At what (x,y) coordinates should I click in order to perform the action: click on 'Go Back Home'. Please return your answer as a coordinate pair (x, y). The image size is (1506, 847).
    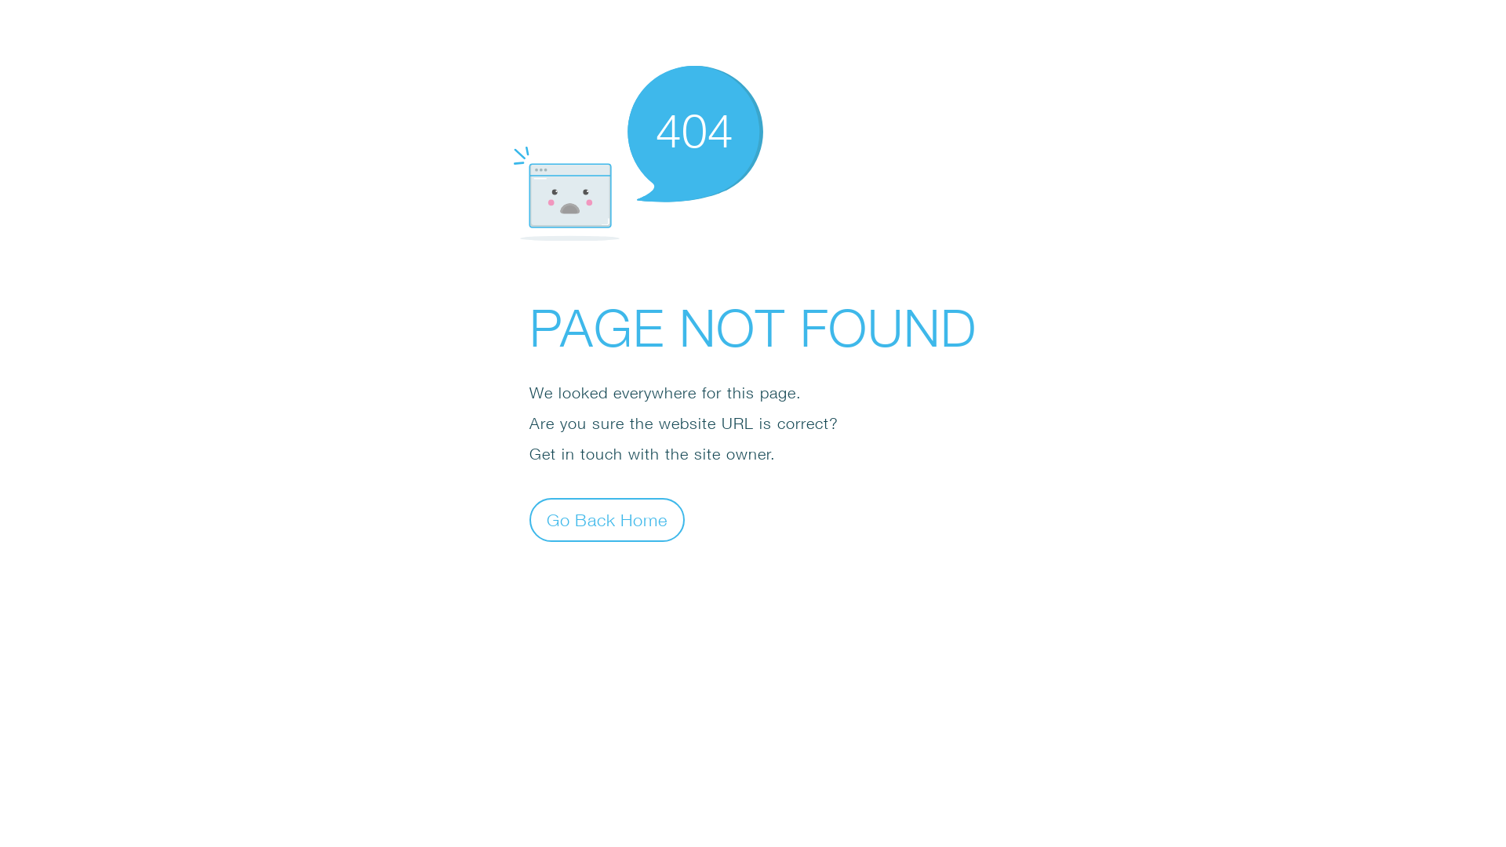
    Looking at the image, I should click on (606, 520).